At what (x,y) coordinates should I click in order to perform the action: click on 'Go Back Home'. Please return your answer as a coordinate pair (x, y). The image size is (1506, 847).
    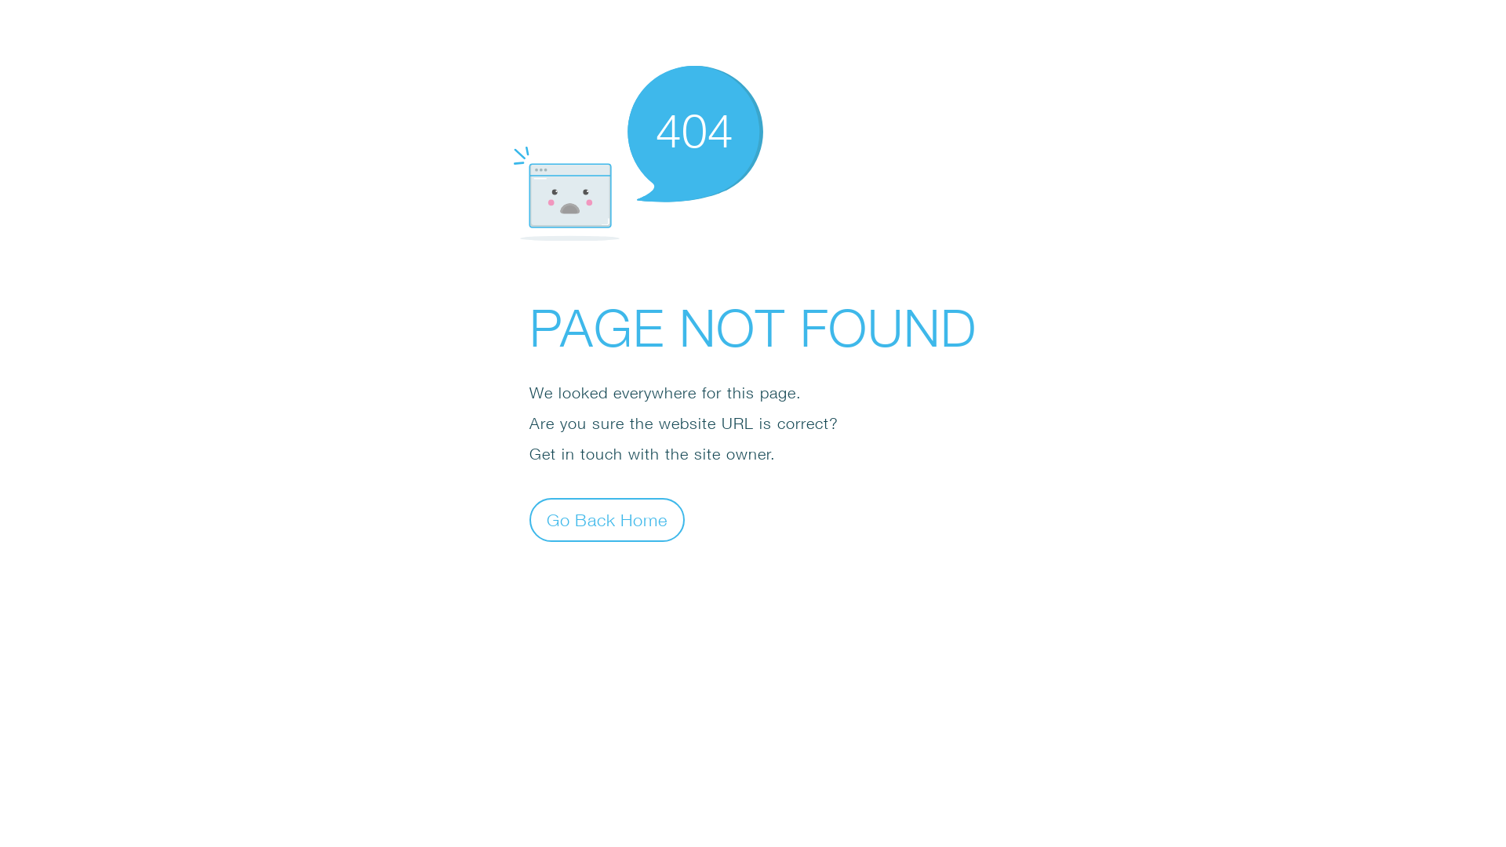
    Looking at the image, I should click on (606, 520).